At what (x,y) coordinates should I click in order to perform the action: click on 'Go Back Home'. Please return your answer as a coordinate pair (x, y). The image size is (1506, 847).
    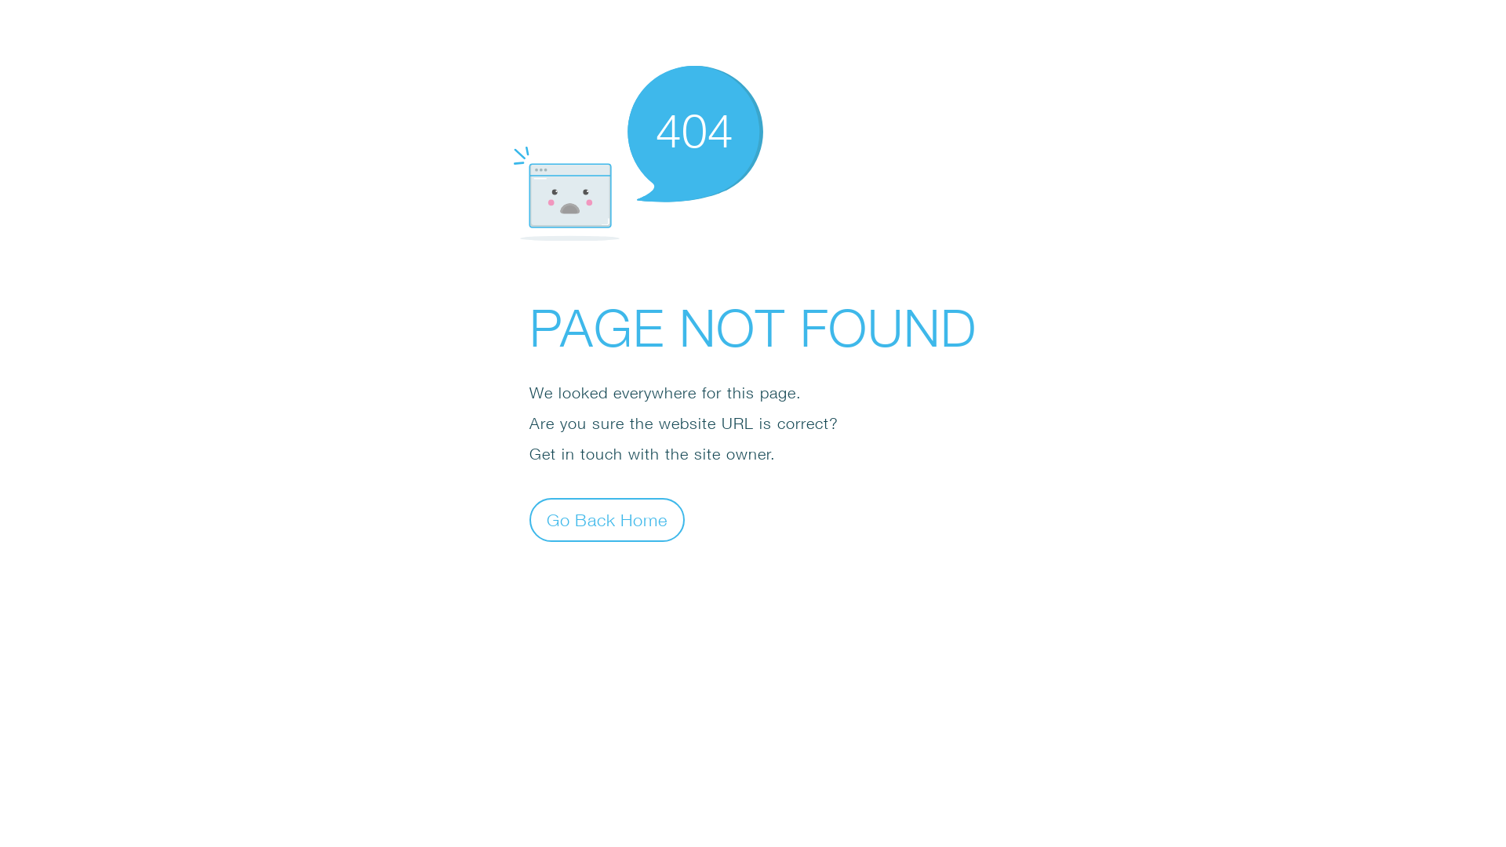
    Looking at the image, I should click on (606, 520).